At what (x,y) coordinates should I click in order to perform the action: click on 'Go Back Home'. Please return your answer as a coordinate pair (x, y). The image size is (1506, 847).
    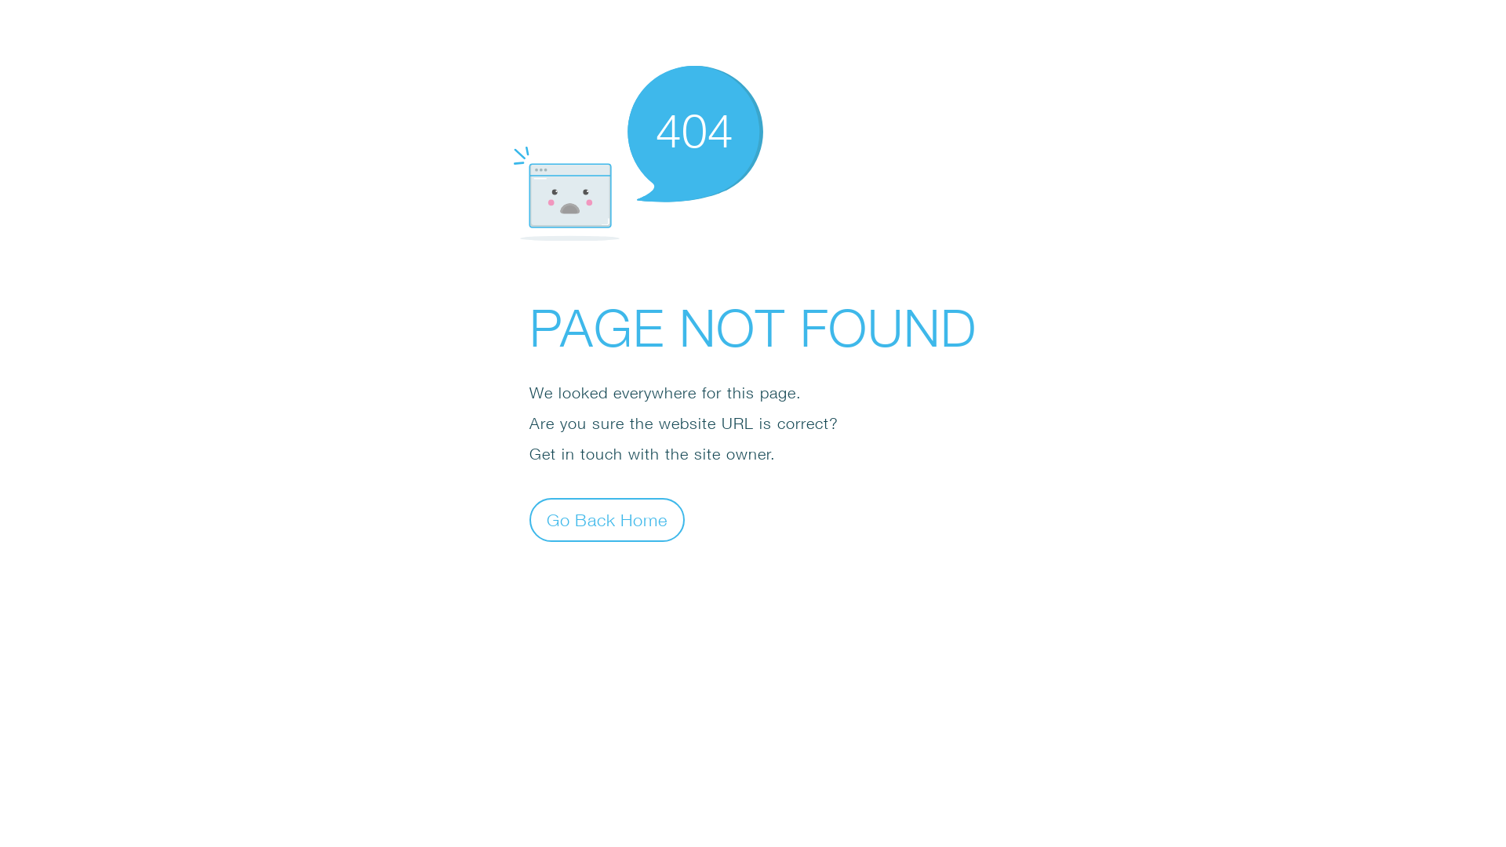
    Looking at the image, I should click on (606, 520).